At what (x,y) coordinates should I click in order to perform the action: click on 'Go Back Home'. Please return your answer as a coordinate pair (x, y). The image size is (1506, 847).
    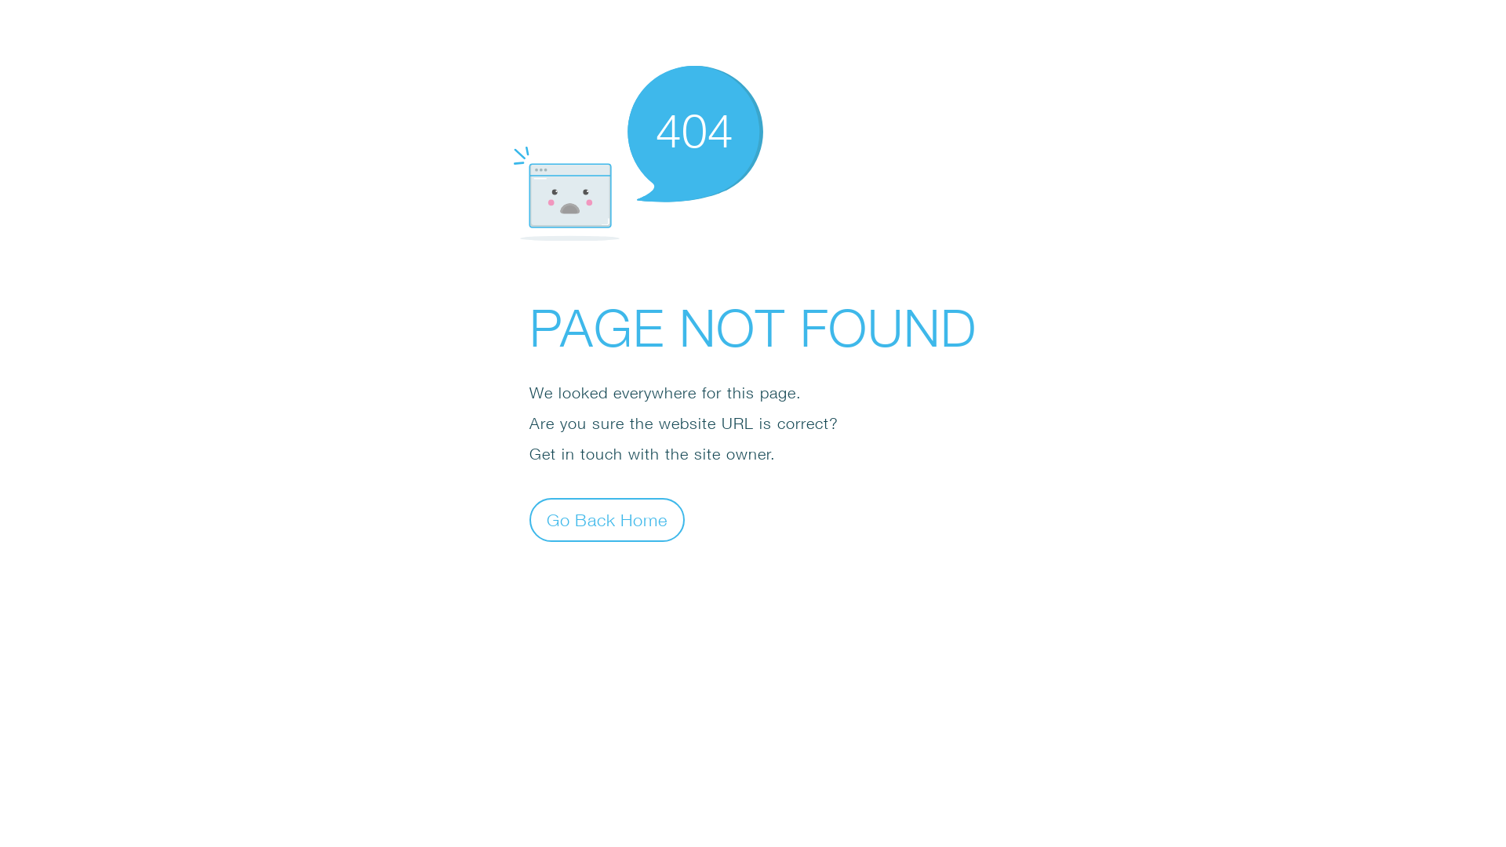
    Looking at the image, I should click on (606, 520).